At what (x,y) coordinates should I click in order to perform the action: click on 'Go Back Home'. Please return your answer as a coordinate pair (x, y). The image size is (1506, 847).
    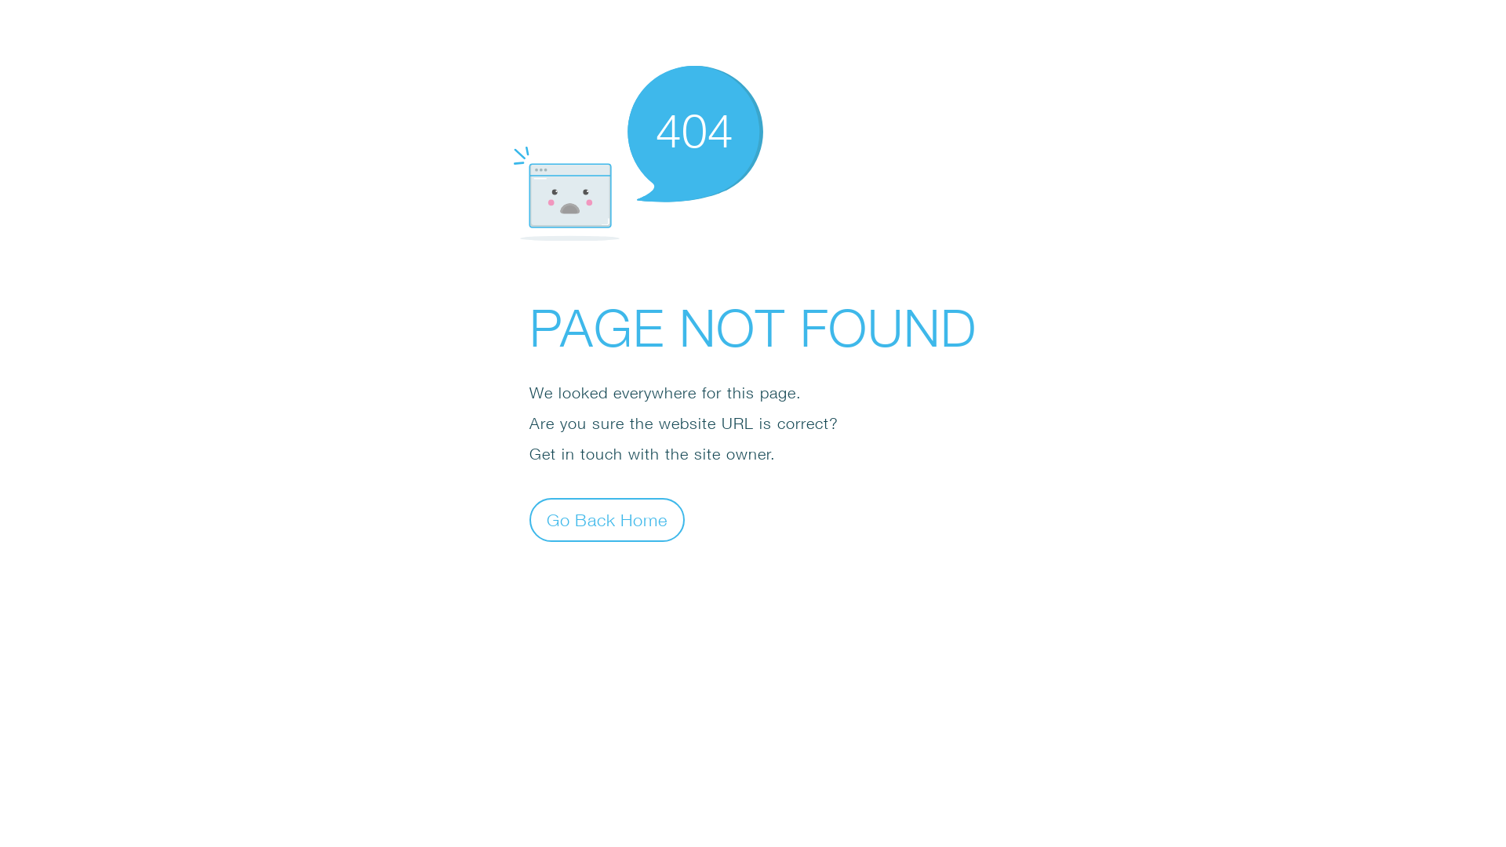
    Looking at the image, I should click on (606, 520).